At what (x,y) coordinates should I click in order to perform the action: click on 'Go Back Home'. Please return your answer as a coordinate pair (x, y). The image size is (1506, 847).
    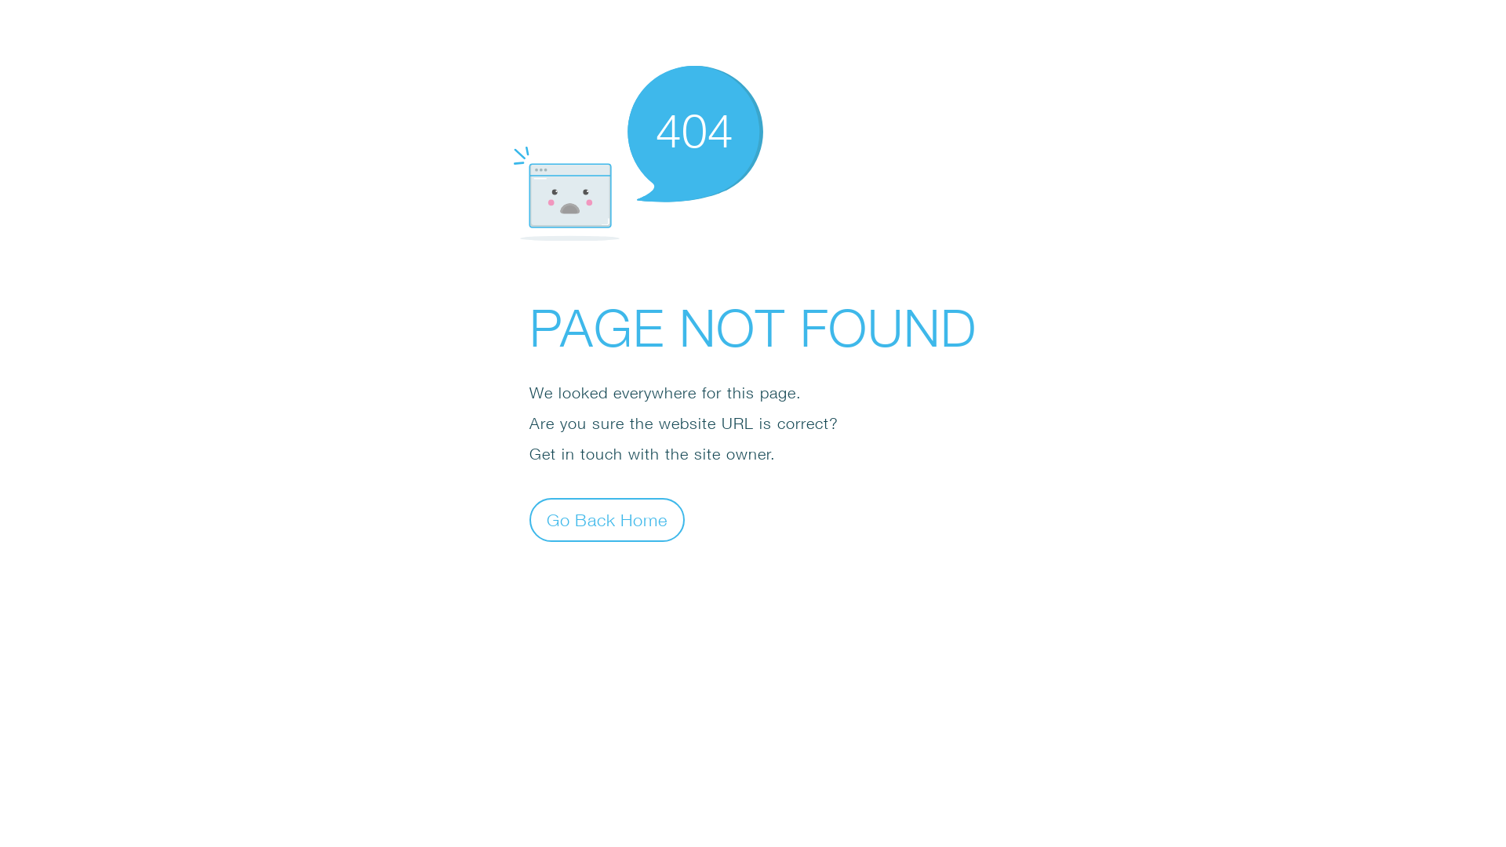
    Looking at the image, I should click on (606, 520).